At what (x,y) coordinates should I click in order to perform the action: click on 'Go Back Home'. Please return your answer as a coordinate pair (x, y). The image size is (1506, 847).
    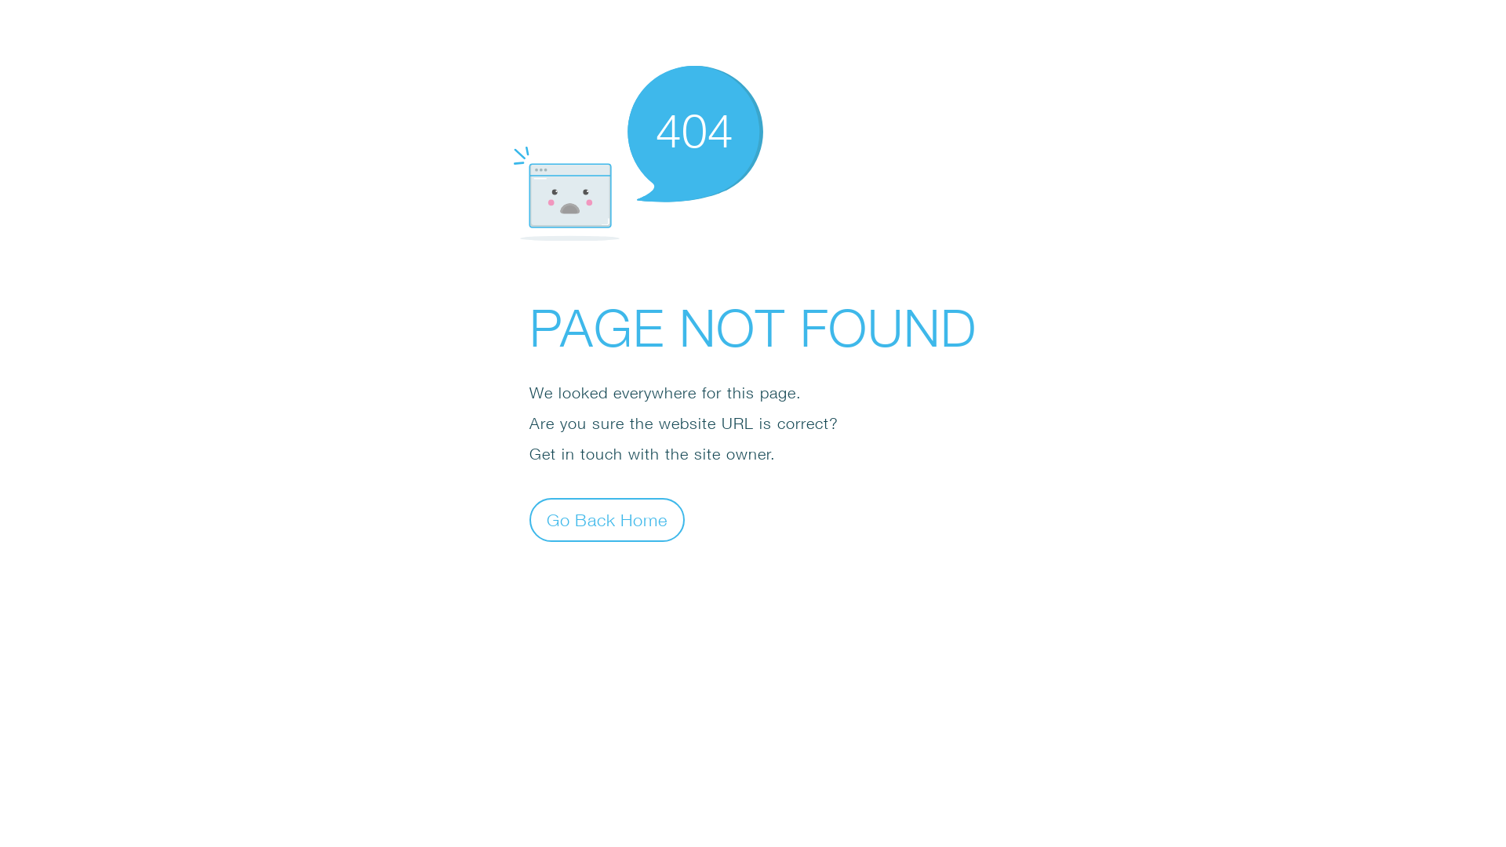
    Looking at the image, I should click on (606, 520).